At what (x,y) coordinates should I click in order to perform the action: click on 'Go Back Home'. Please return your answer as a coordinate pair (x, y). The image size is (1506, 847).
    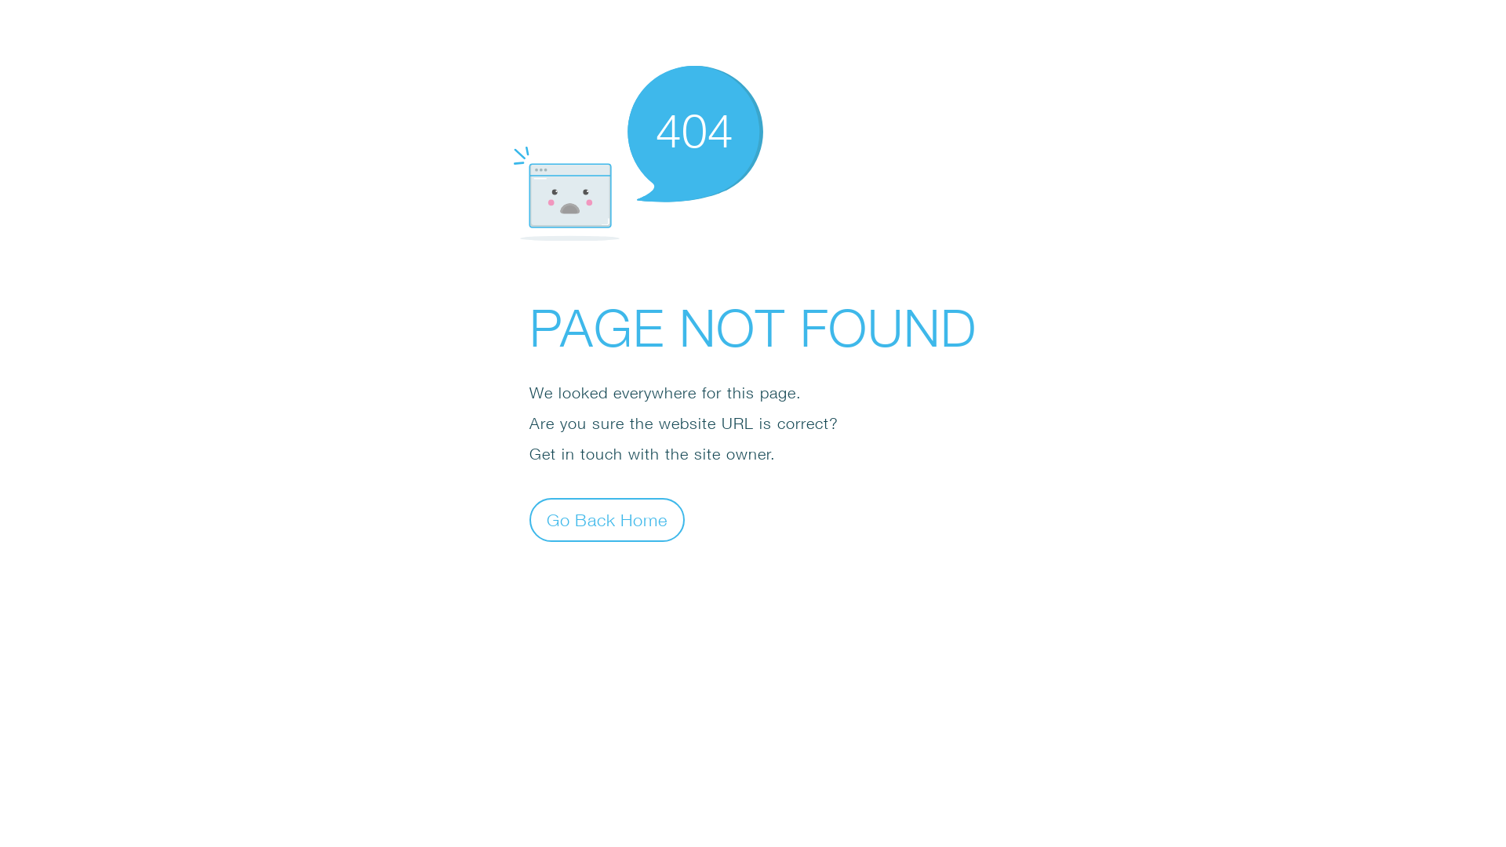
    Looking at the image, I should click on (606, 520).